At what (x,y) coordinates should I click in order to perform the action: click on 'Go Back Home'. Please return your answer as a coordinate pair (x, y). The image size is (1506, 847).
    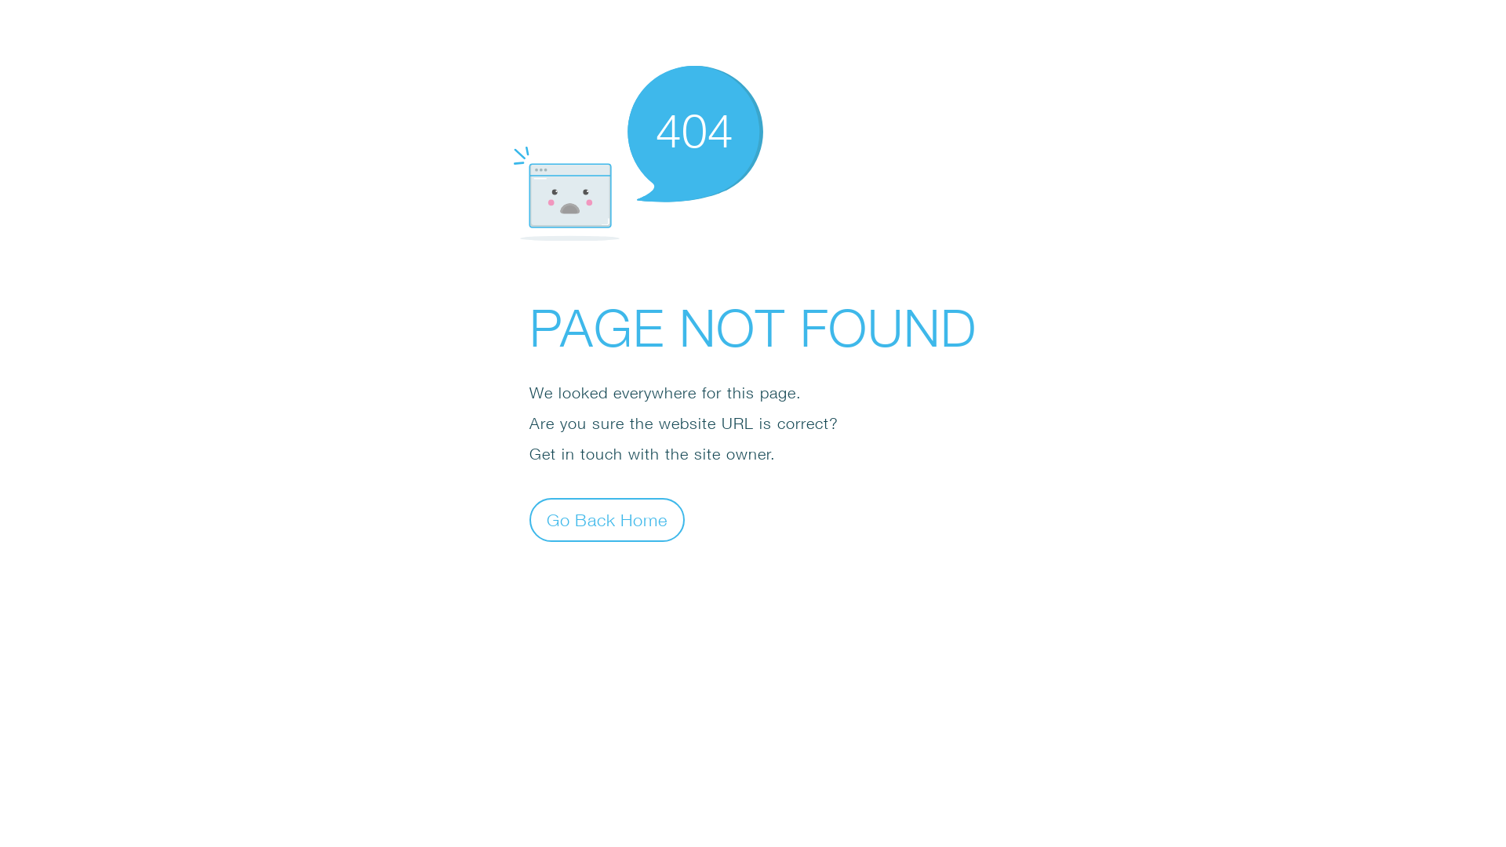
    Looking at the image, I should click on (606, 520).